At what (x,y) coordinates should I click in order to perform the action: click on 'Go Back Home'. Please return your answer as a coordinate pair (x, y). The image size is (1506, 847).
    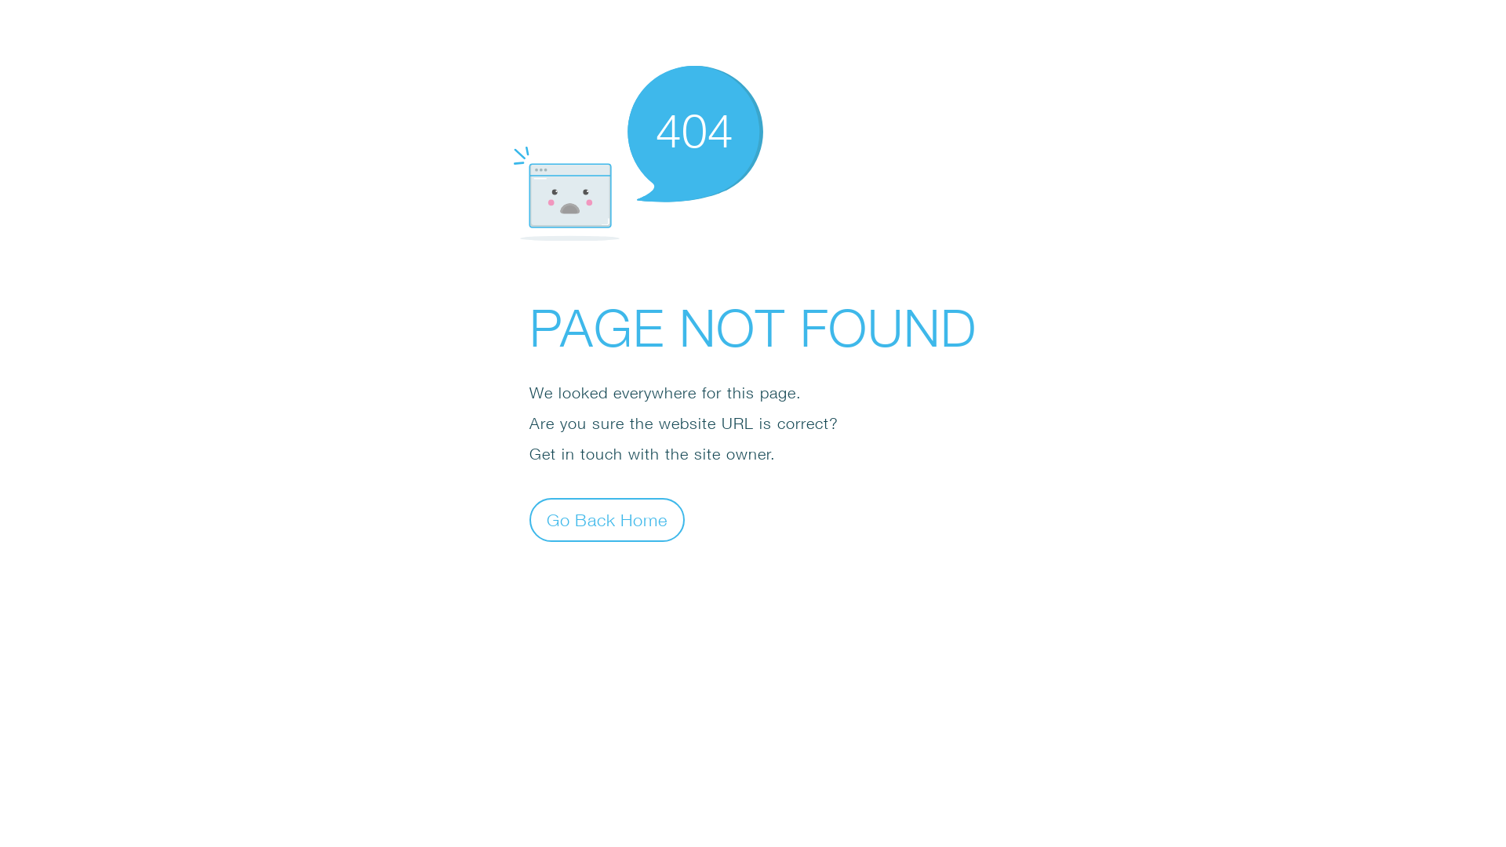
    Looking at the image, I should click on (606, 520).